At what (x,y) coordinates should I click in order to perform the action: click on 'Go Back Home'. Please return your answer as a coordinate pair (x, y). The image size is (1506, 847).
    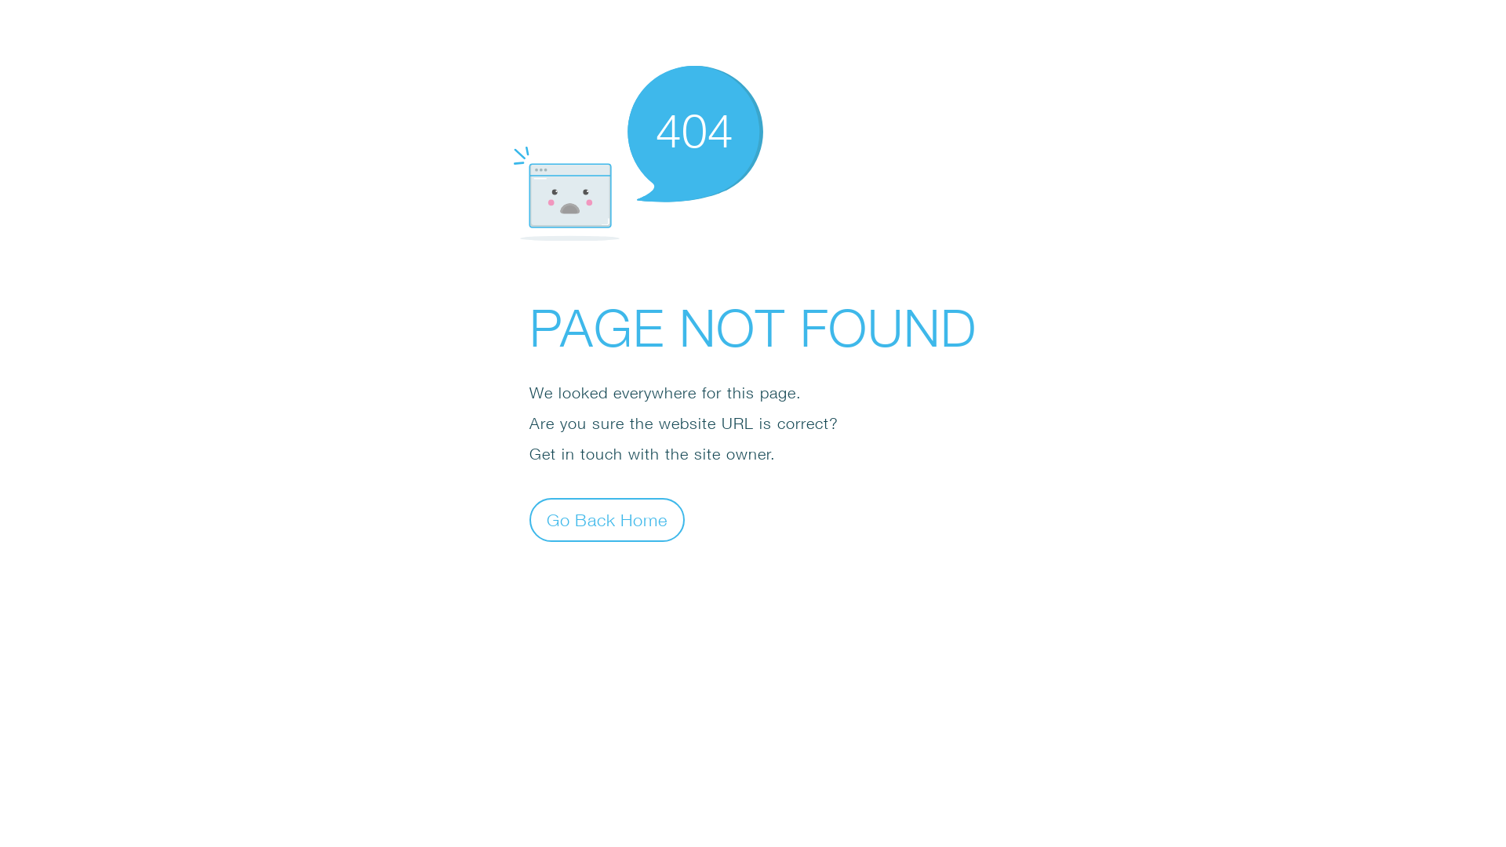
    Looking at the image, I should click on (606, 520).